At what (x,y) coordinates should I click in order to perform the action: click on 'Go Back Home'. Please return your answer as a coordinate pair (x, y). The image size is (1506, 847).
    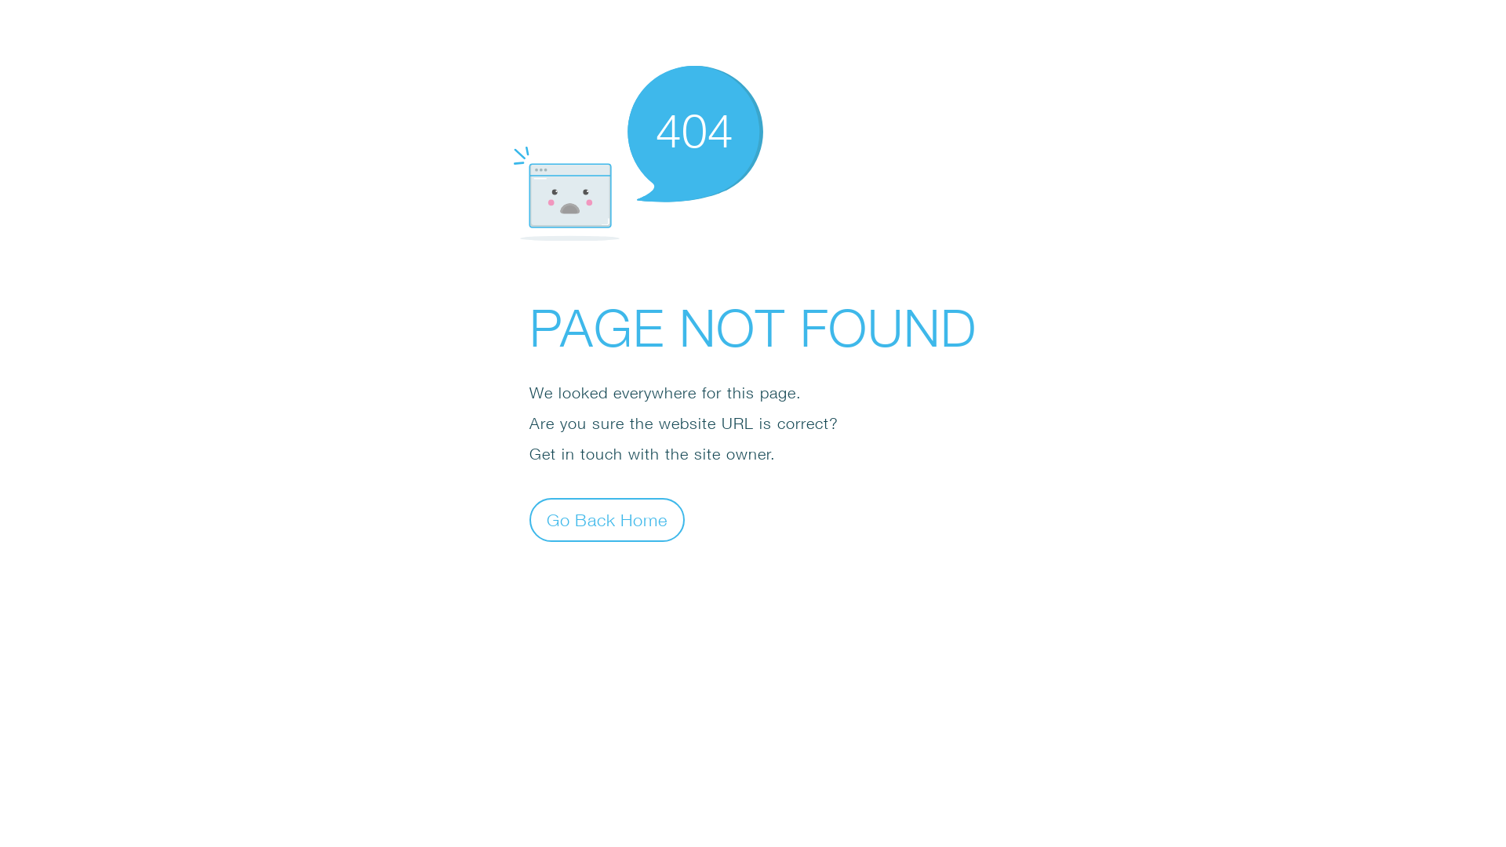
    Looking at the image, I should click on (606, 520).